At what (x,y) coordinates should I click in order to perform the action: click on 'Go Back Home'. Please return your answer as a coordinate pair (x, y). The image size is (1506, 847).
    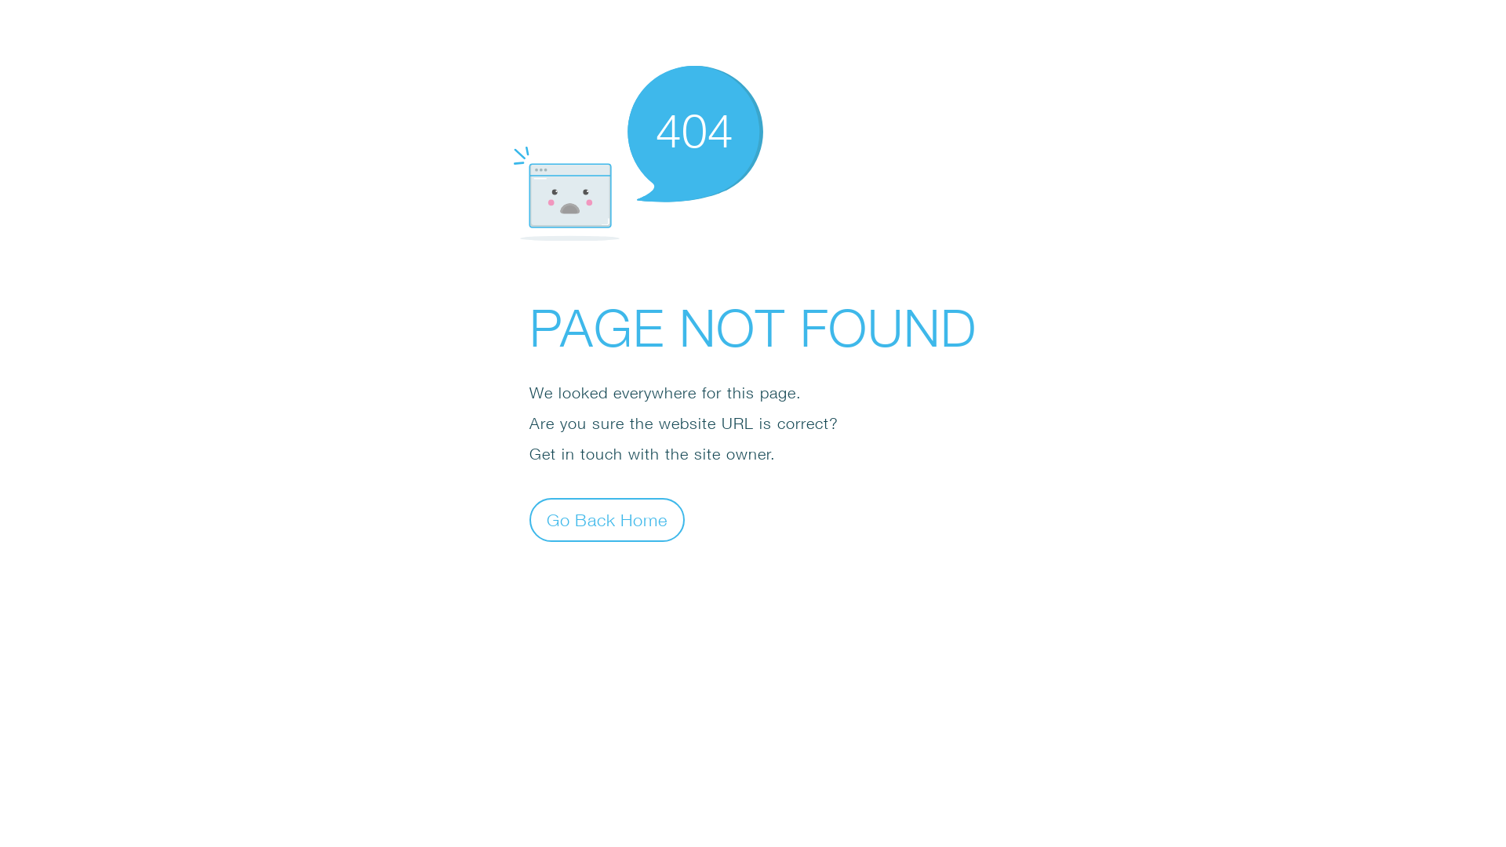
    Looking at the image, I should click on (606, 520).